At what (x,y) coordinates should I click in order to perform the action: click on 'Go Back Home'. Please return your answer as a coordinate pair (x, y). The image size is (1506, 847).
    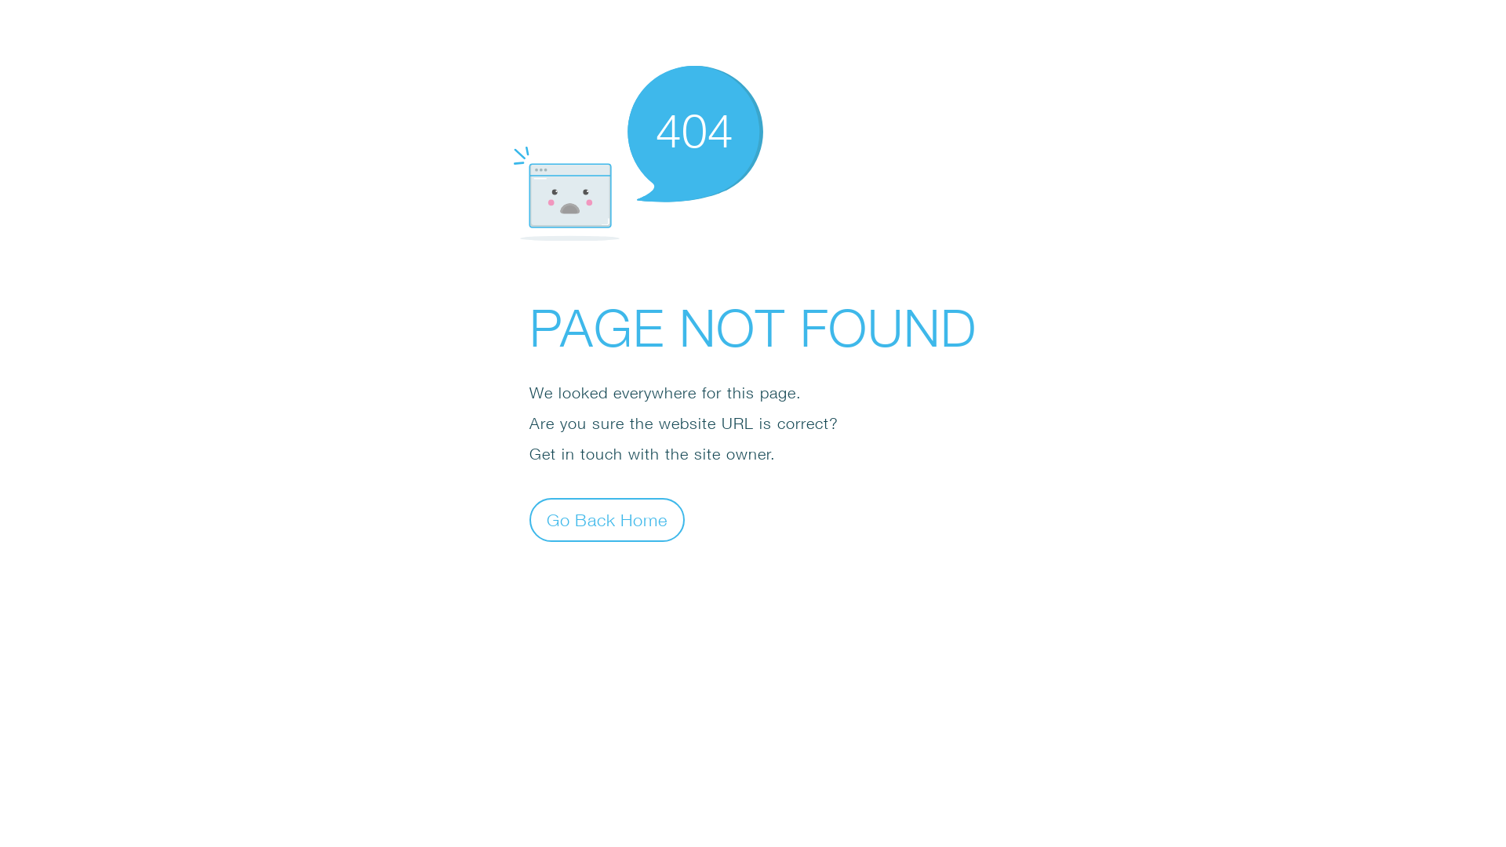
    Looking at the image, I should click on (606, 520).